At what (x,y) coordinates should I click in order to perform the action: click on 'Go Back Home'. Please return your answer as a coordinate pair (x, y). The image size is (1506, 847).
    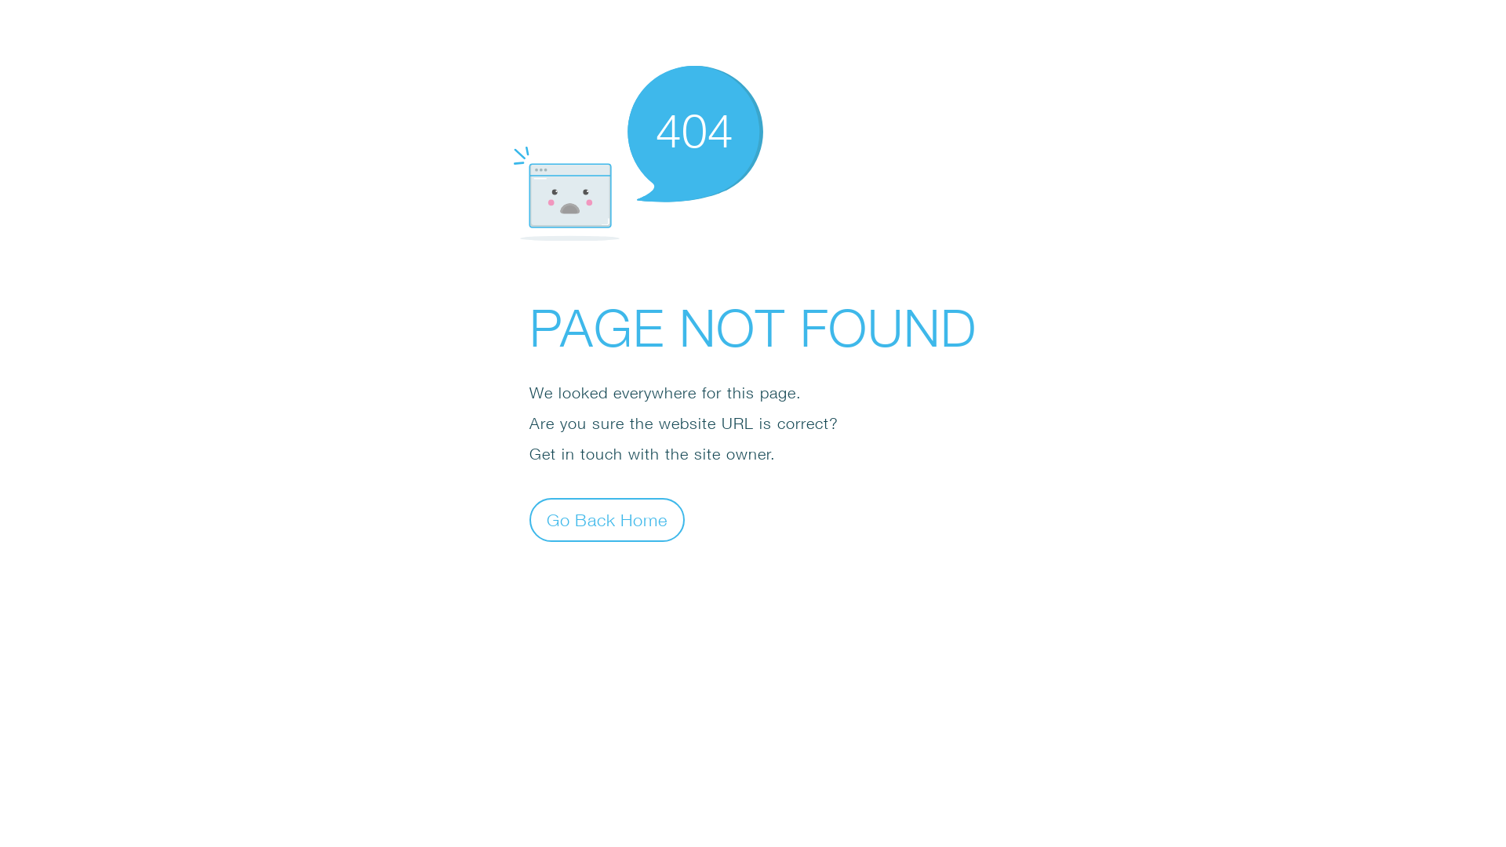
    Looking at the image, I should click on (606, 520).